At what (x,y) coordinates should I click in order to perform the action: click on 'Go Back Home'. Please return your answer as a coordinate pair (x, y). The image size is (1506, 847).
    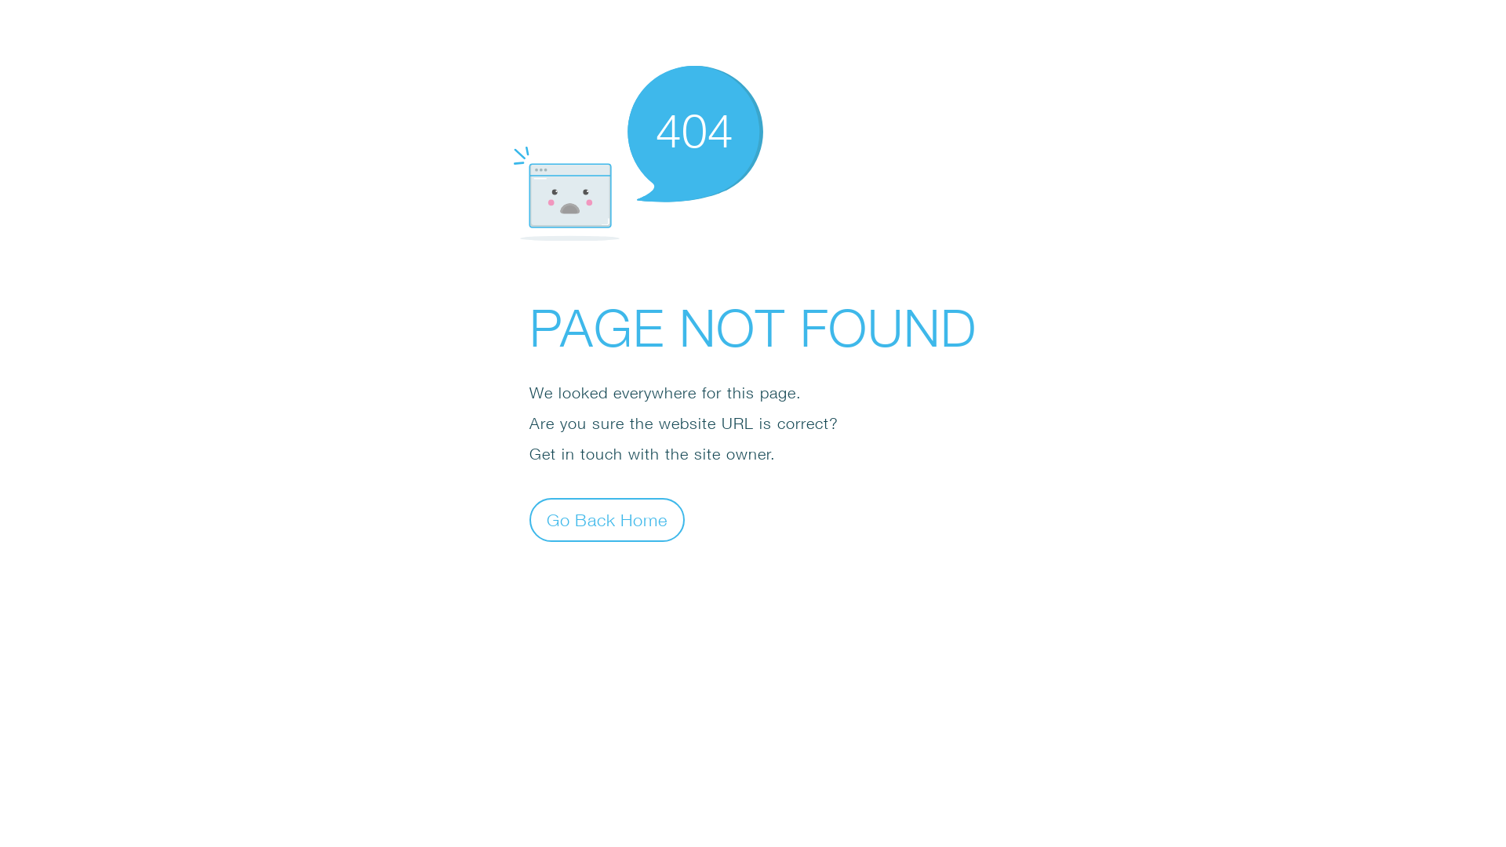
    Looking at the image, I should click on (606, 520).